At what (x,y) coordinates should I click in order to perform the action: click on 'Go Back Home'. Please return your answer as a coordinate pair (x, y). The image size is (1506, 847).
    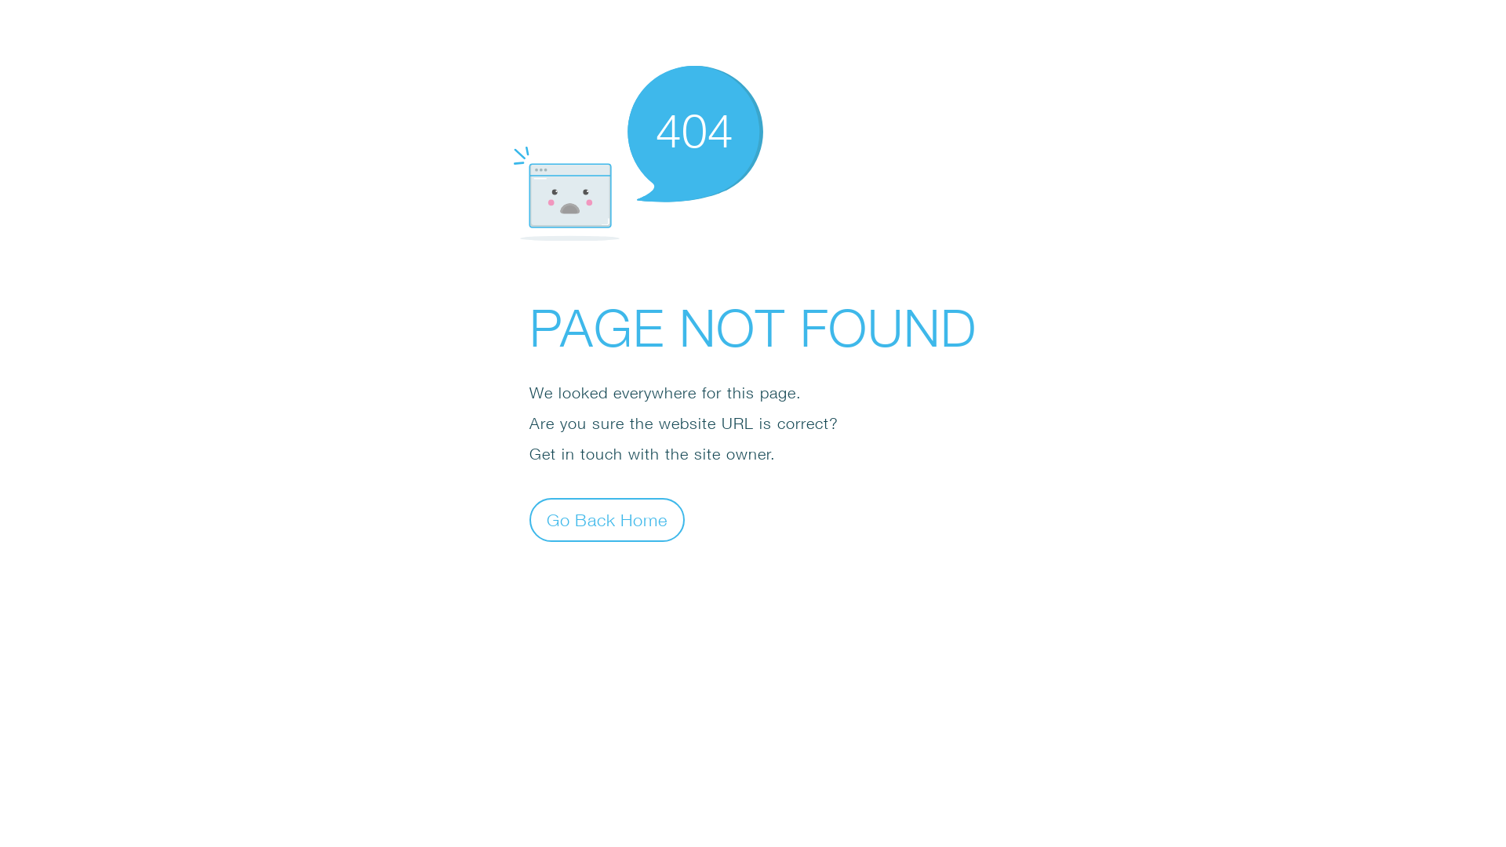
    Looking at the image, I should click on (606, 520).